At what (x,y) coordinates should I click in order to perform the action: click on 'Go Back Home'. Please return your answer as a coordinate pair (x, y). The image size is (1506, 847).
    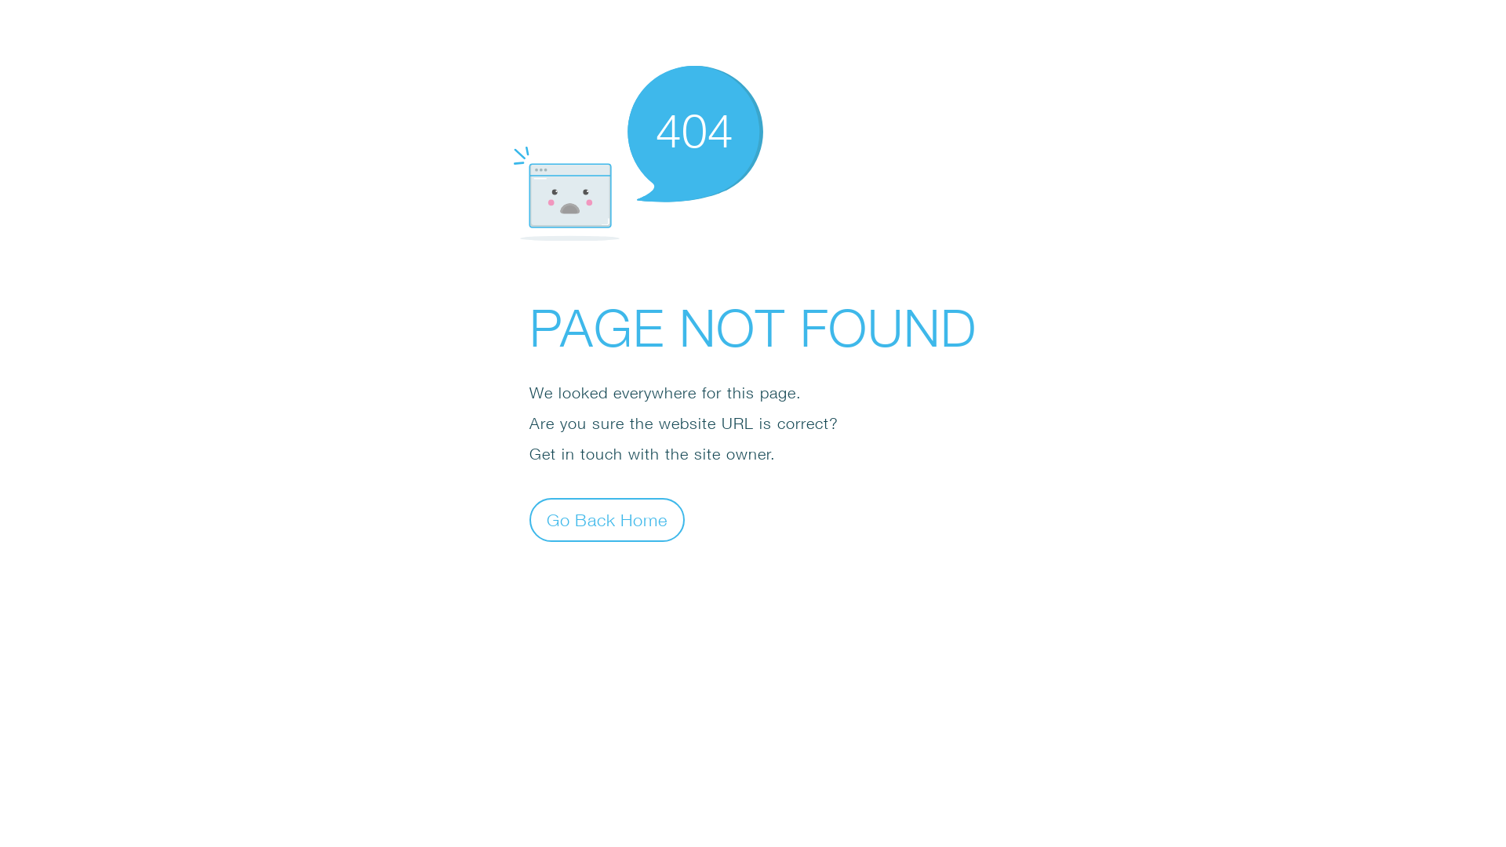
    Looking at the image, I should click on (606, 520).